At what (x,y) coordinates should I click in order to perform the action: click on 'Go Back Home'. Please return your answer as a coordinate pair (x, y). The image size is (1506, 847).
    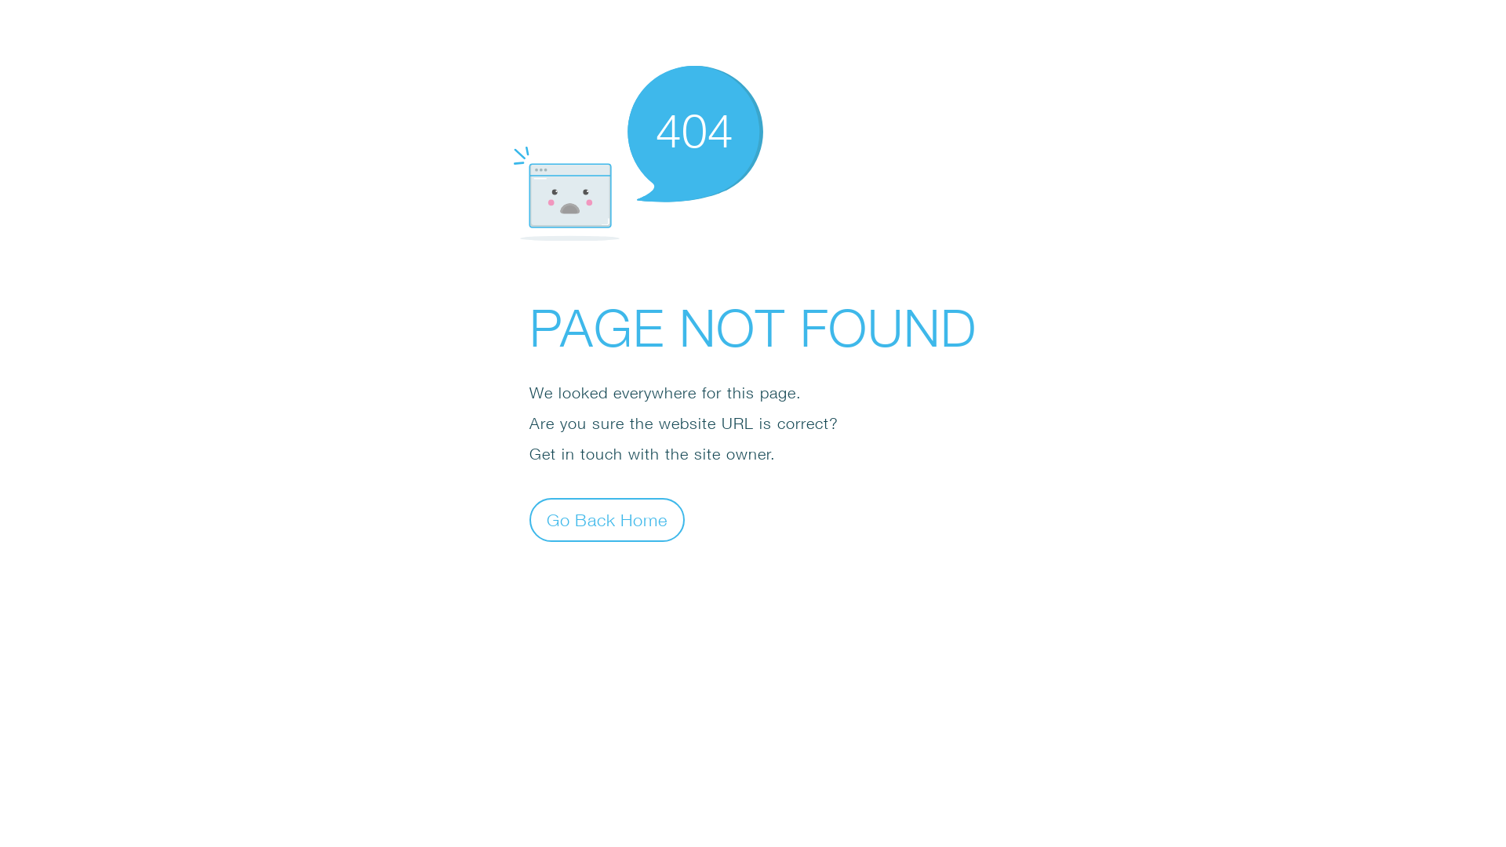
    Looking at the image, I should click on (606, 520).